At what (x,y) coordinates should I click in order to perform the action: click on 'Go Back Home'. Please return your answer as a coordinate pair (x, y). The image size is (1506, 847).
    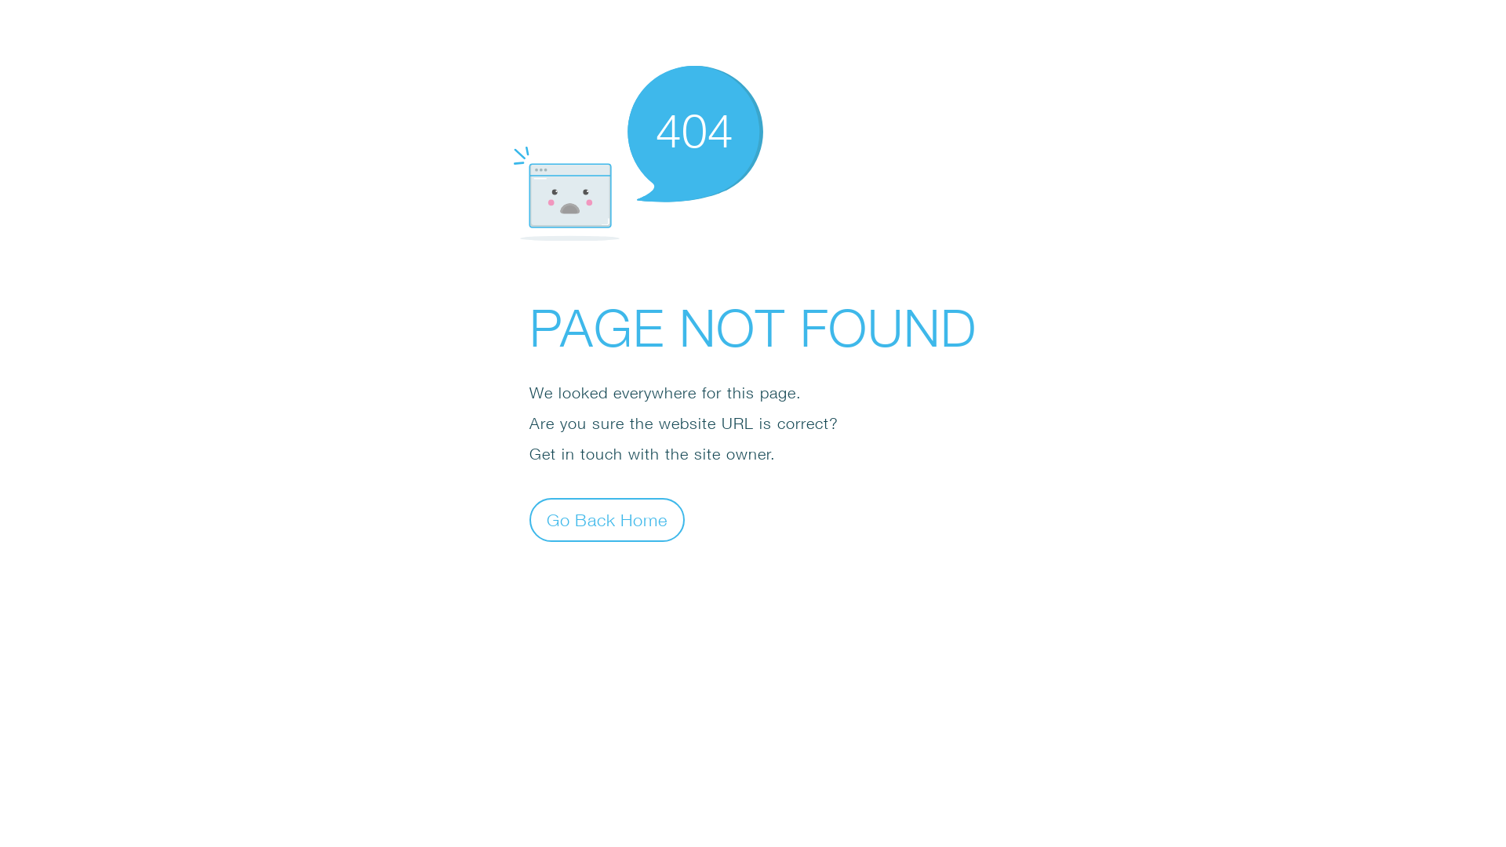
    Looking at the image, I should click on (606, 520).